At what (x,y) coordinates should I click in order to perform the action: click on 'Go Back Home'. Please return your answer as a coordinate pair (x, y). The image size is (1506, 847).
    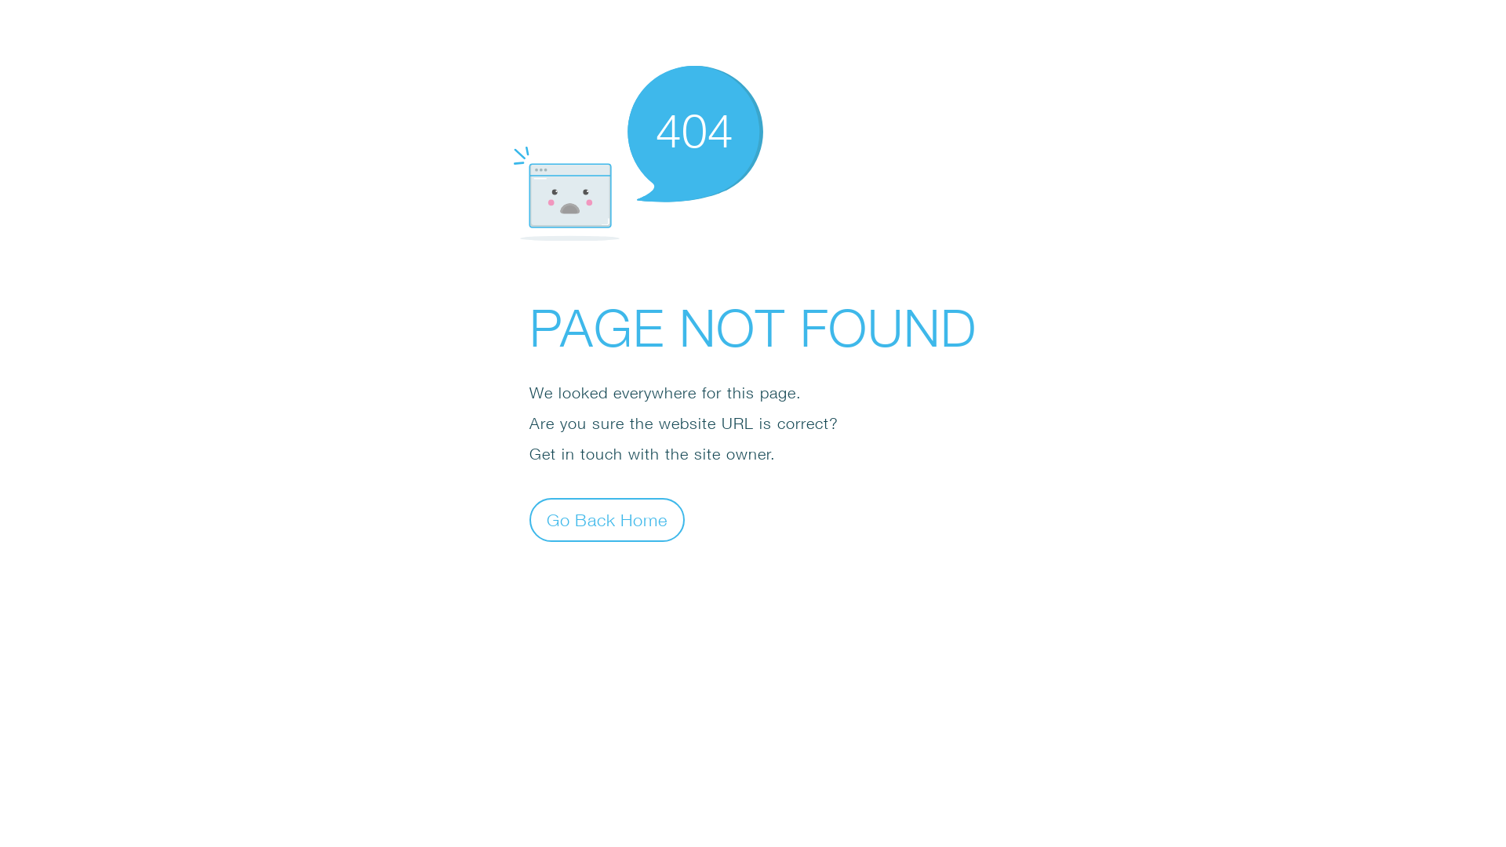
    Looking at the image, I should click on (606, 520).